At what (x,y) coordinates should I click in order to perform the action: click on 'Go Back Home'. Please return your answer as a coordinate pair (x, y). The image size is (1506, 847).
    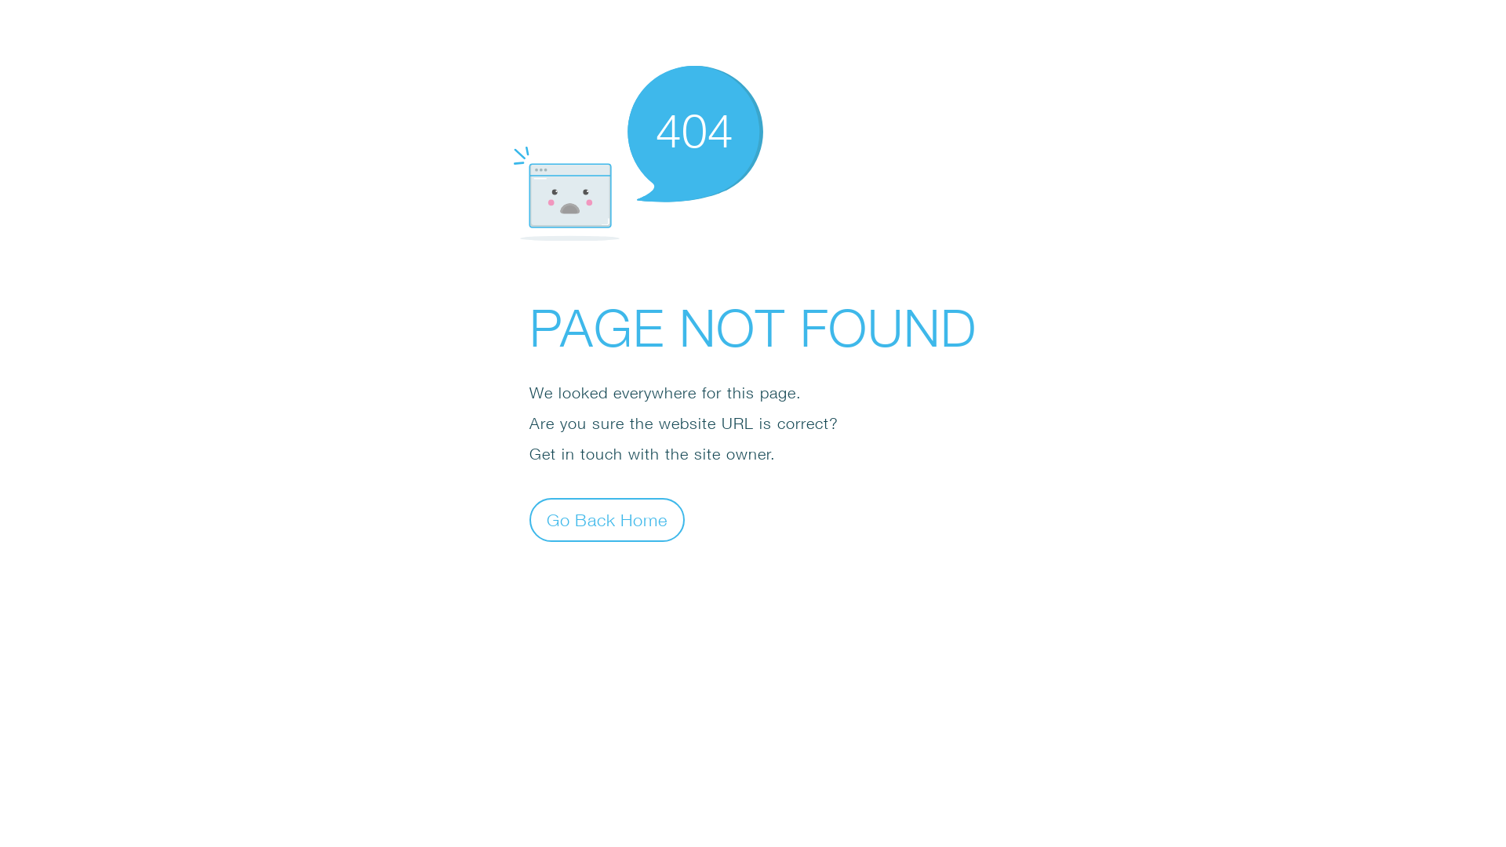
    Looking at the image, I should click on (606, 520).